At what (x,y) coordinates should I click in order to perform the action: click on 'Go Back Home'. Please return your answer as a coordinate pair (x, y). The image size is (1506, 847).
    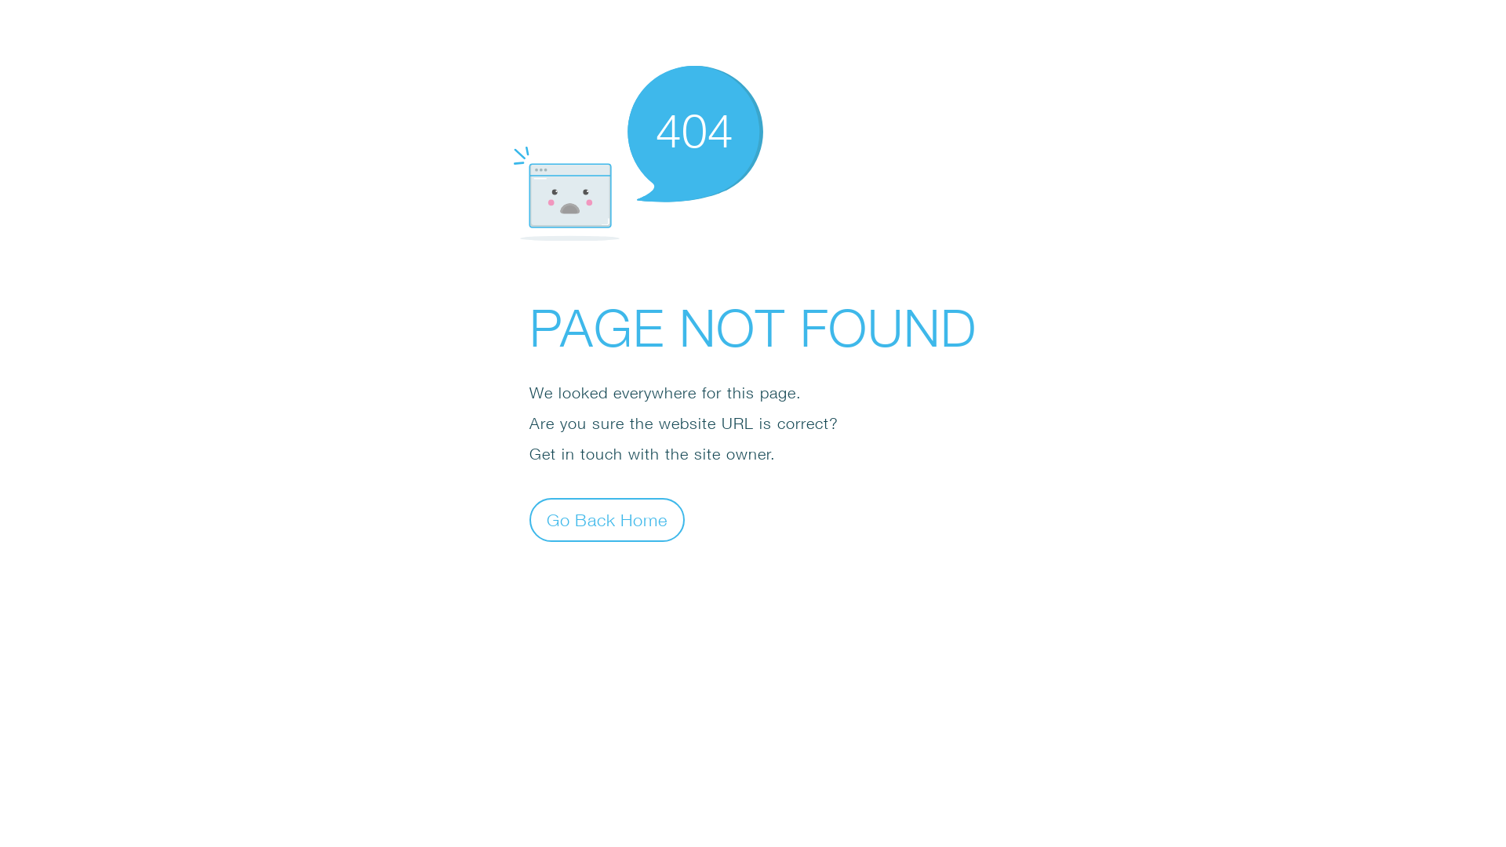
    Looking at the image, I should click on (606, 520).